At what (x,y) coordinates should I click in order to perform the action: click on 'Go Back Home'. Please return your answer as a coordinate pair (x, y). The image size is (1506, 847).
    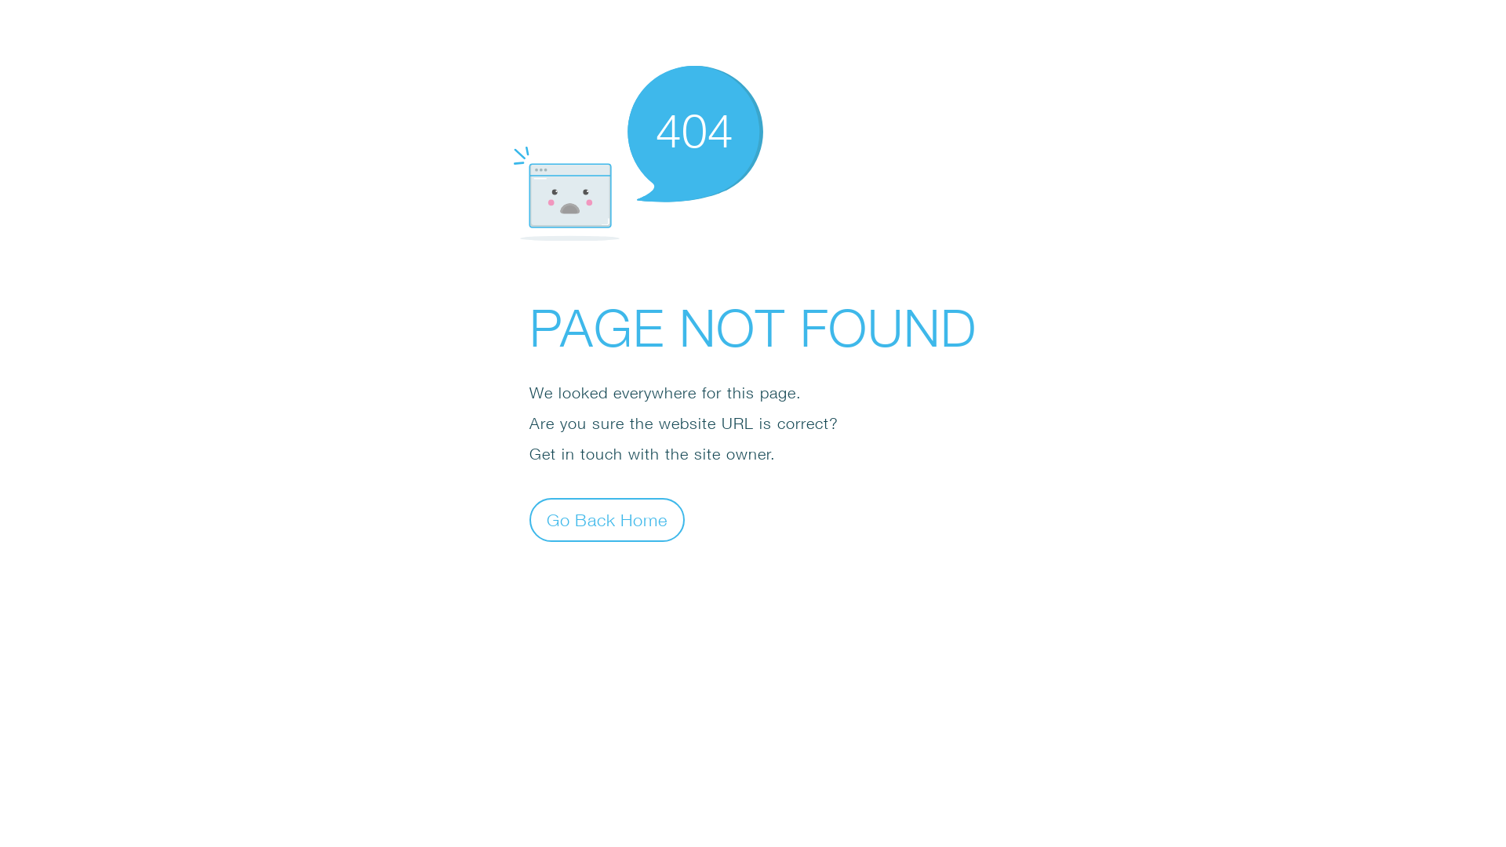
    Looking at the image, I should click on (606, 520).